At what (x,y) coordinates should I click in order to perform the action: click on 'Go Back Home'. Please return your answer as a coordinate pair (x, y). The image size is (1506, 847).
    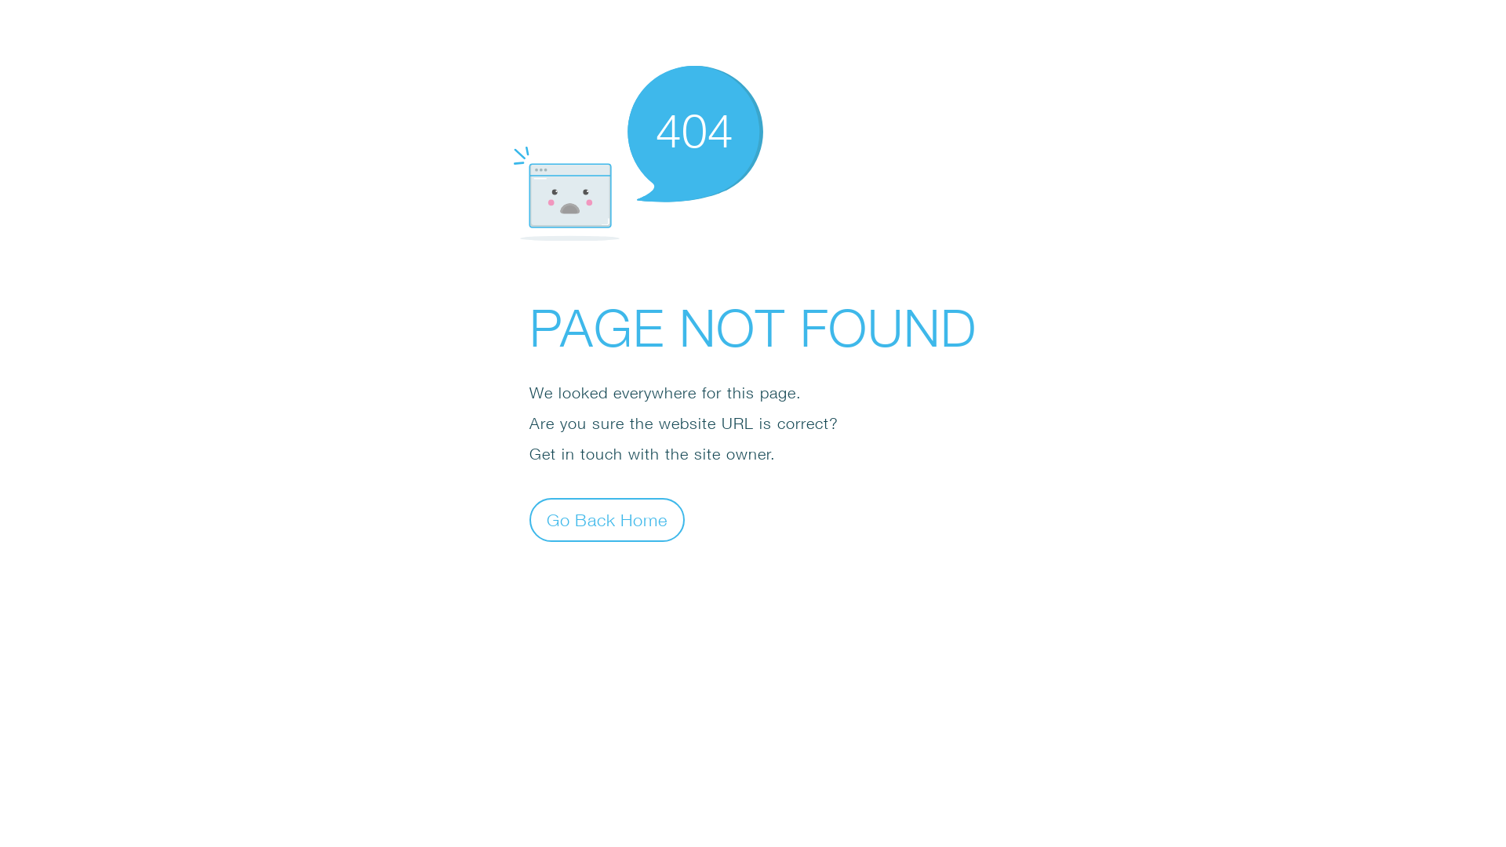
    Looking at the image, I should click on (606, 520).